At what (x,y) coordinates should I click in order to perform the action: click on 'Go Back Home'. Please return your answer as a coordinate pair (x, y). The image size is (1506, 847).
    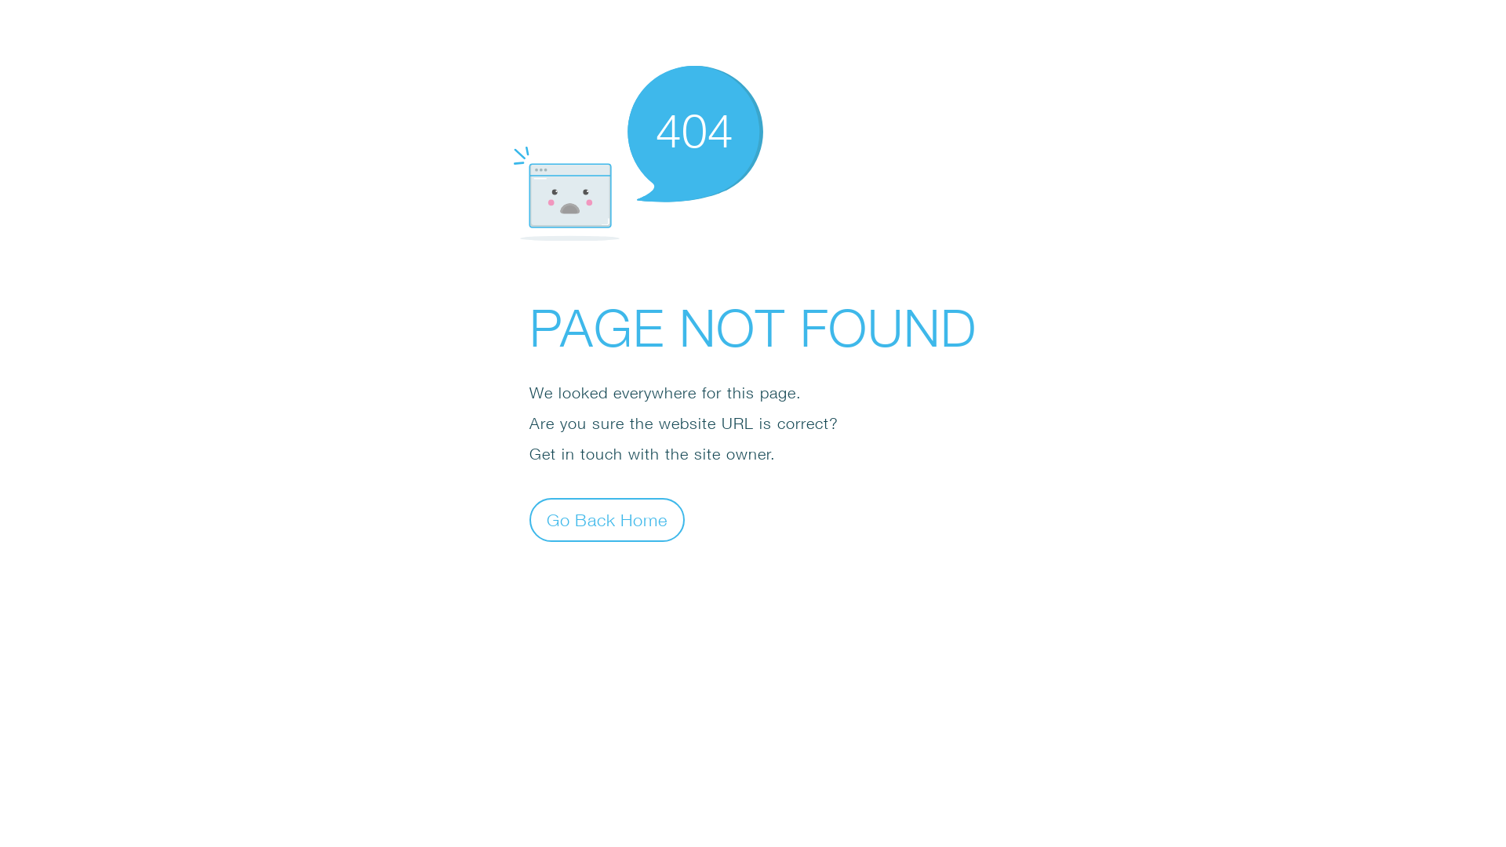
    Looking at the image, I should click on (606, 520).